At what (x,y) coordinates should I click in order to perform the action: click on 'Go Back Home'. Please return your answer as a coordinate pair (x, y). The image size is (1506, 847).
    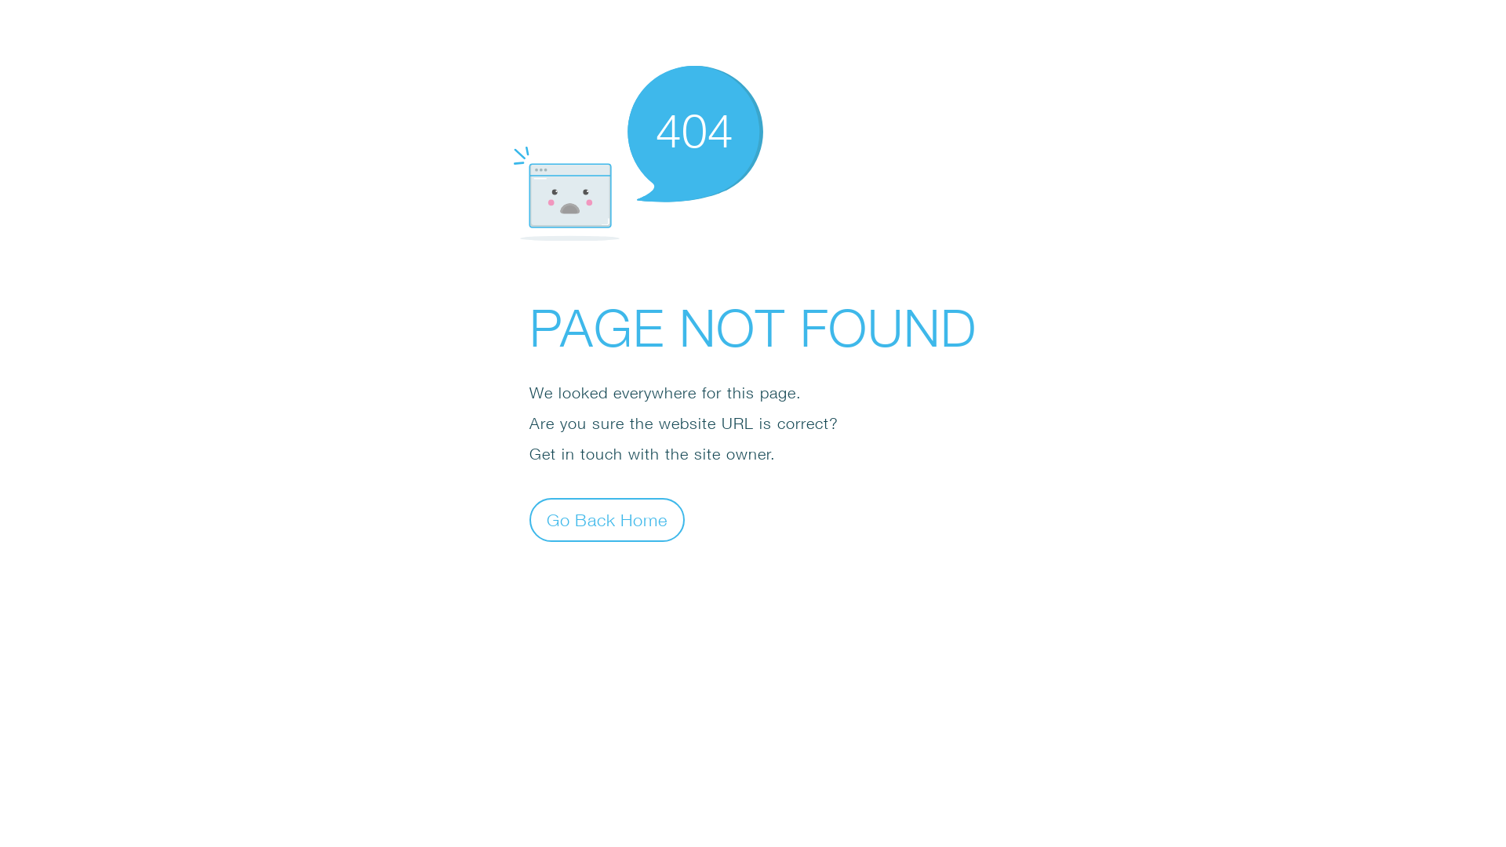
    Looking at the image, I should click on (606, 520).